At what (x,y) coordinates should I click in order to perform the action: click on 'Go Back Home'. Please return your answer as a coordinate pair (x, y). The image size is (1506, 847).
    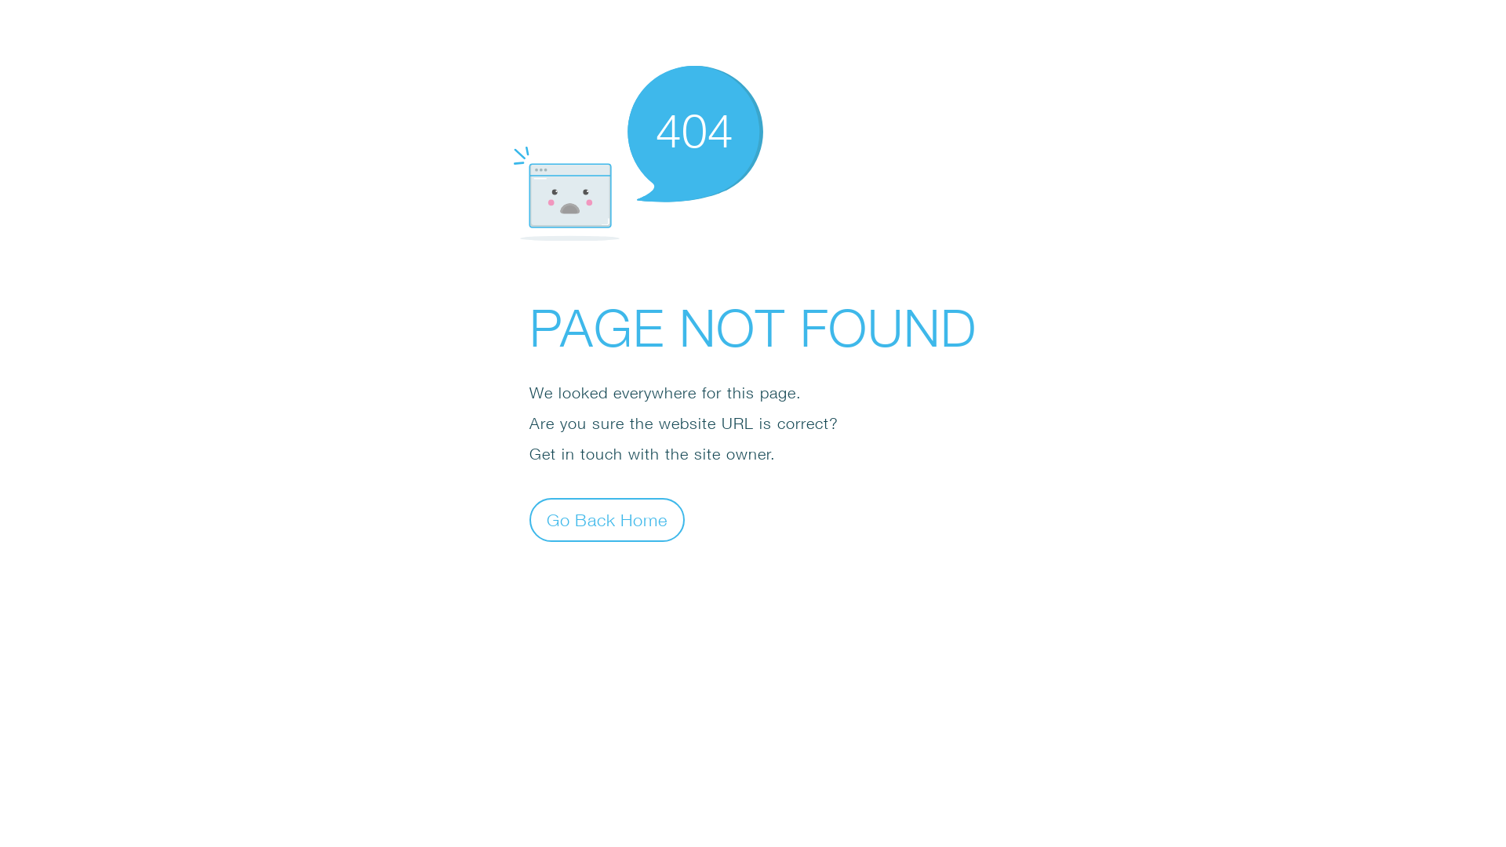
    Looking at the image, I should click on (606, 520).